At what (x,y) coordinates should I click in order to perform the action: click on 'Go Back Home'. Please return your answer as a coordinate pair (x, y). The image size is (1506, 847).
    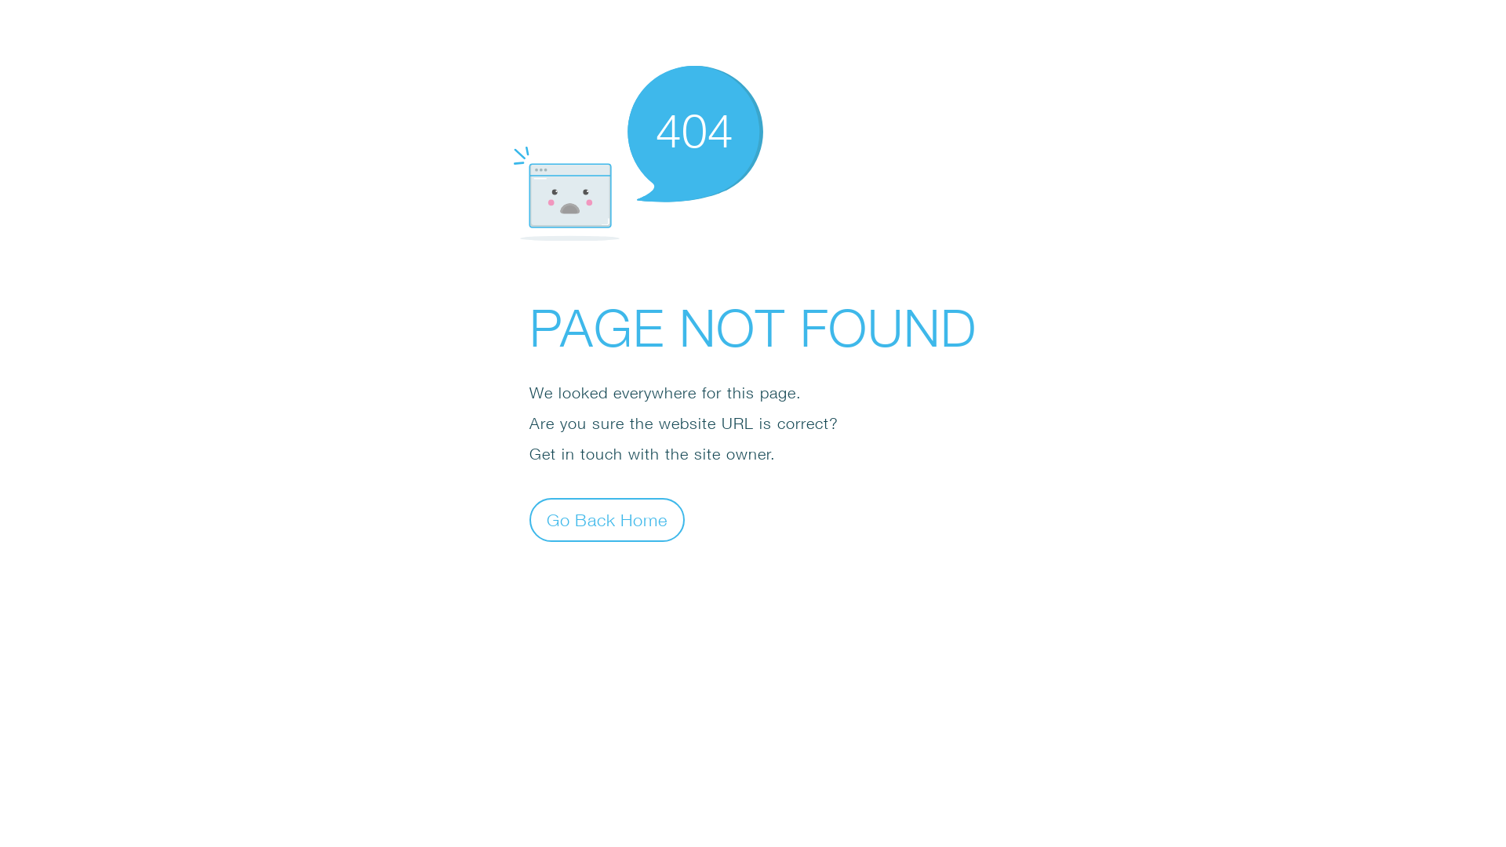
    Looking at the image, I should click on (606, 520).